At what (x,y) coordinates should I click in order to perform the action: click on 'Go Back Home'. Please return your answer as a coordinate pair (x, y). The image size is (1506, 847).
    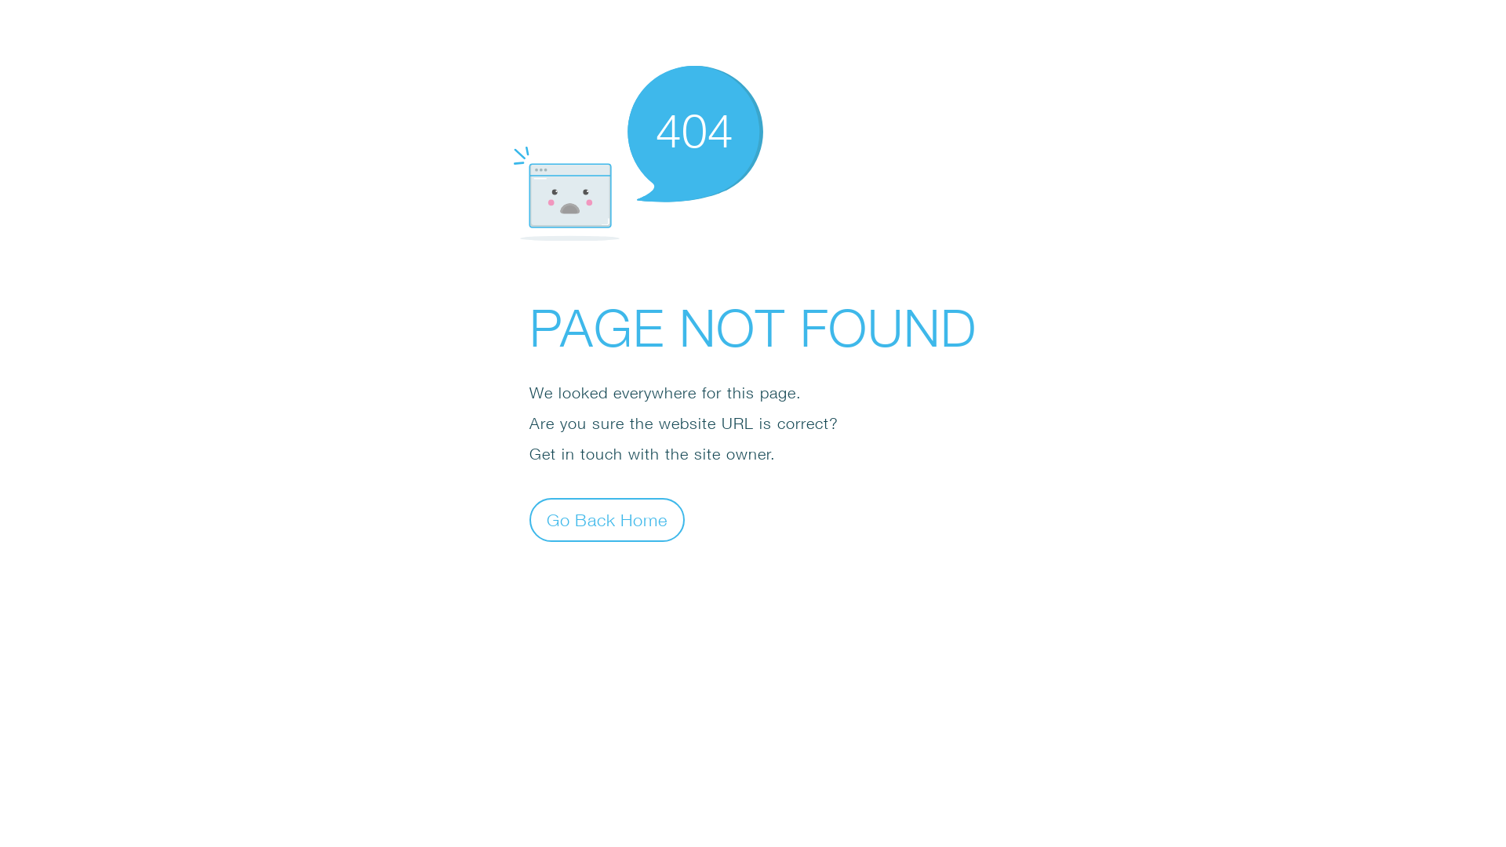
    Looking at the image, I should click on (606, 520).